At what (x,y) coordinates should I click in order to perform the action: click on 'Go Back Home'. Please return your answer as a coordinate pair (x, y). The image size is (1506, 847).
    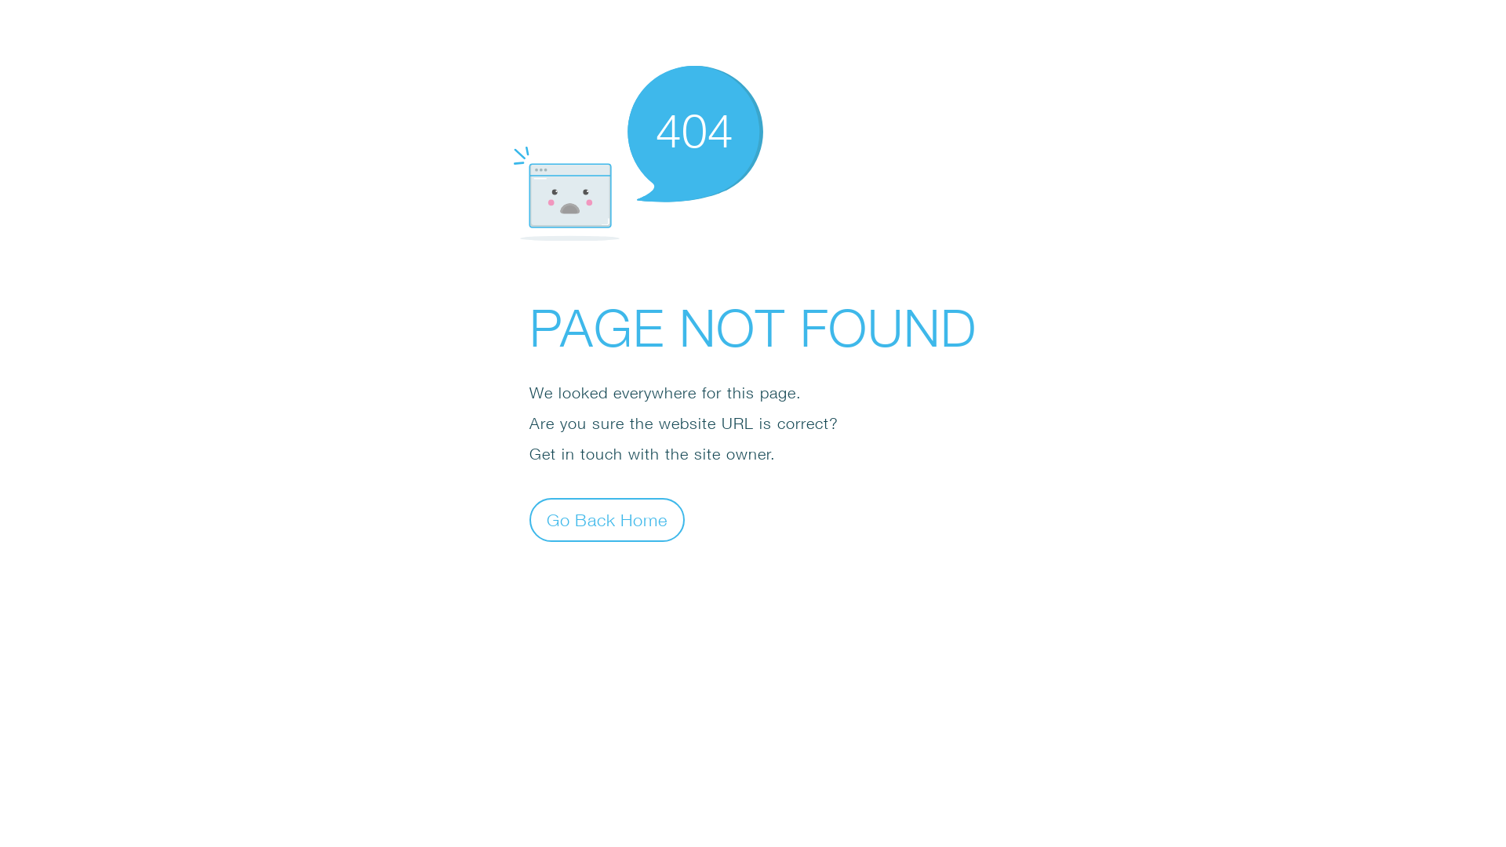
    Looking at the image, I should click on (606, 520).